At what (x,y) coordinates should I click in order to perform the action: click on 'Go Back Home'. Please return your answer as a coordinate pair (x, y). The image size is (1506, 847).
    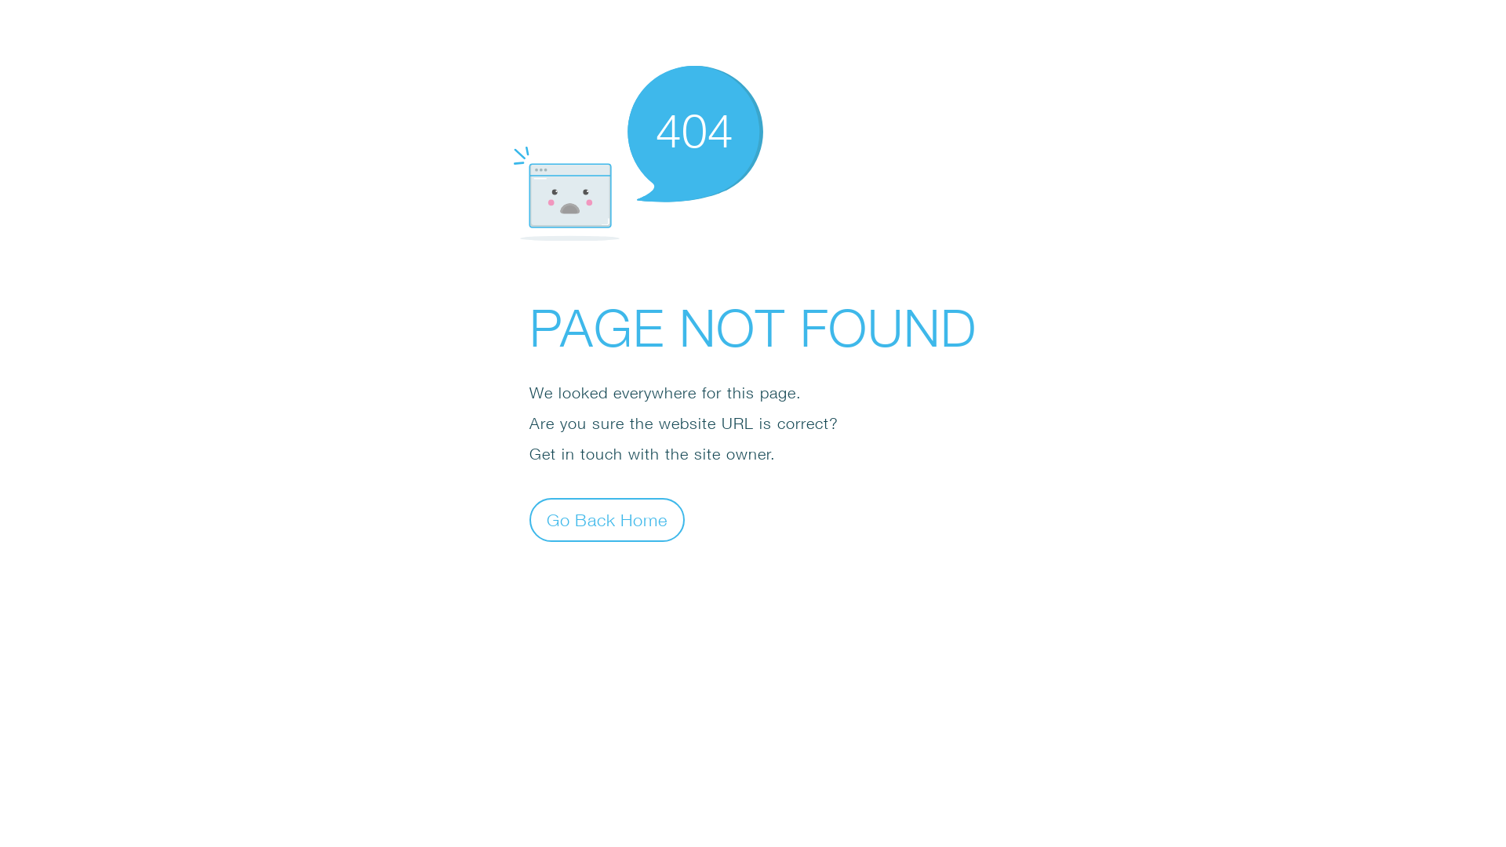
    Looking at the image, I should click on (606, 520).